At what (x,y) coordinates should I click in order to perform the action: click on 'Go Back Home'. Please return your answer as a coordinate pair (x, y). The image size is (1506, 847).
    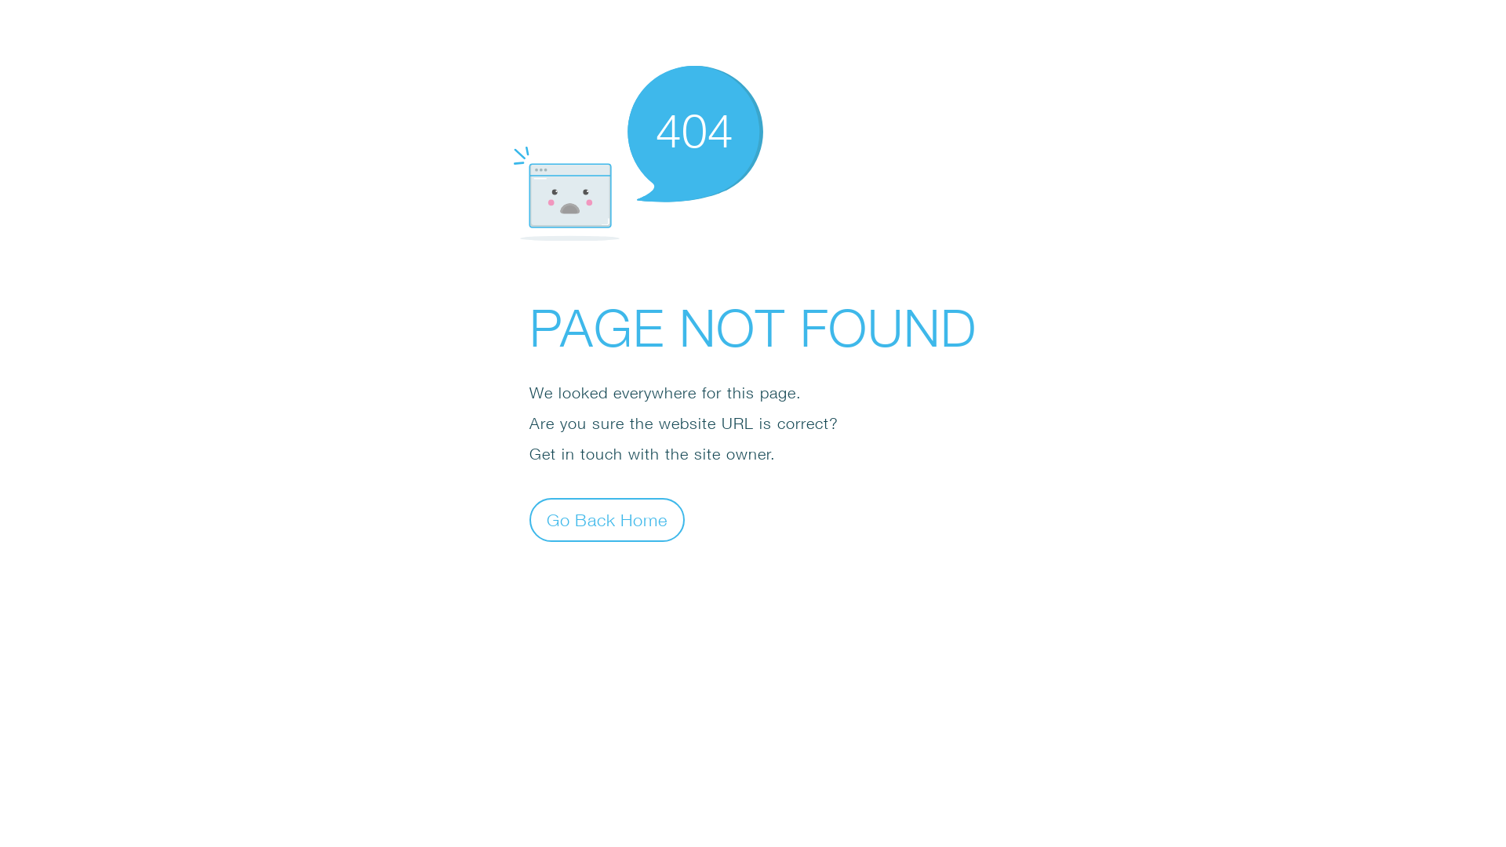
    Looking at the image, I should click on (606, 520).